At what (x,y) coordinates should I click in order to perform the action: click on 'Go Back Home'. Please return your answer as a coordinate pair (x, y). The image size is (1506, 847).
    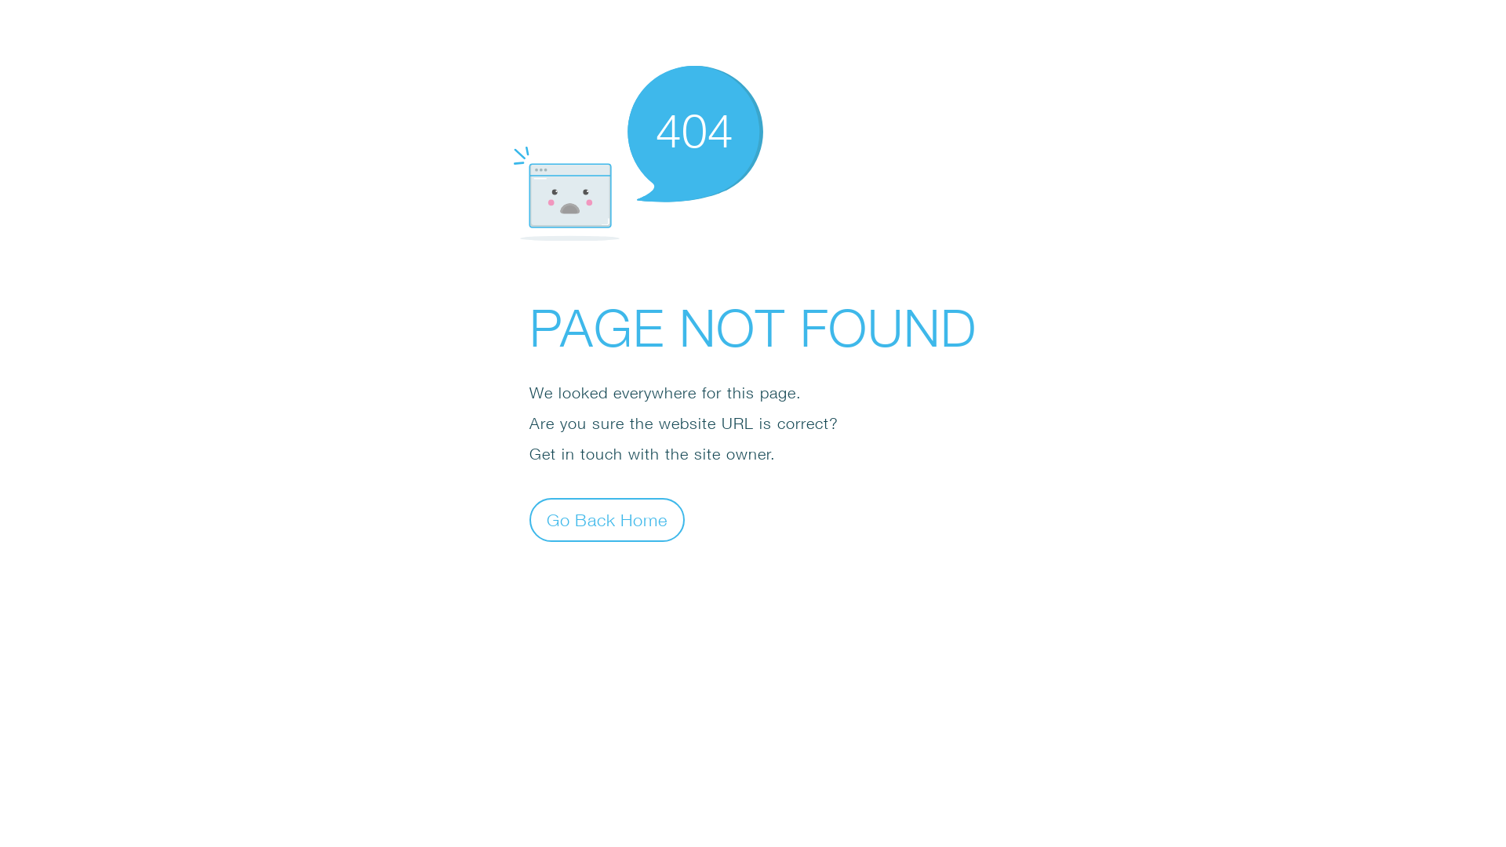
    Looking at the image, I should click on (606, 520).